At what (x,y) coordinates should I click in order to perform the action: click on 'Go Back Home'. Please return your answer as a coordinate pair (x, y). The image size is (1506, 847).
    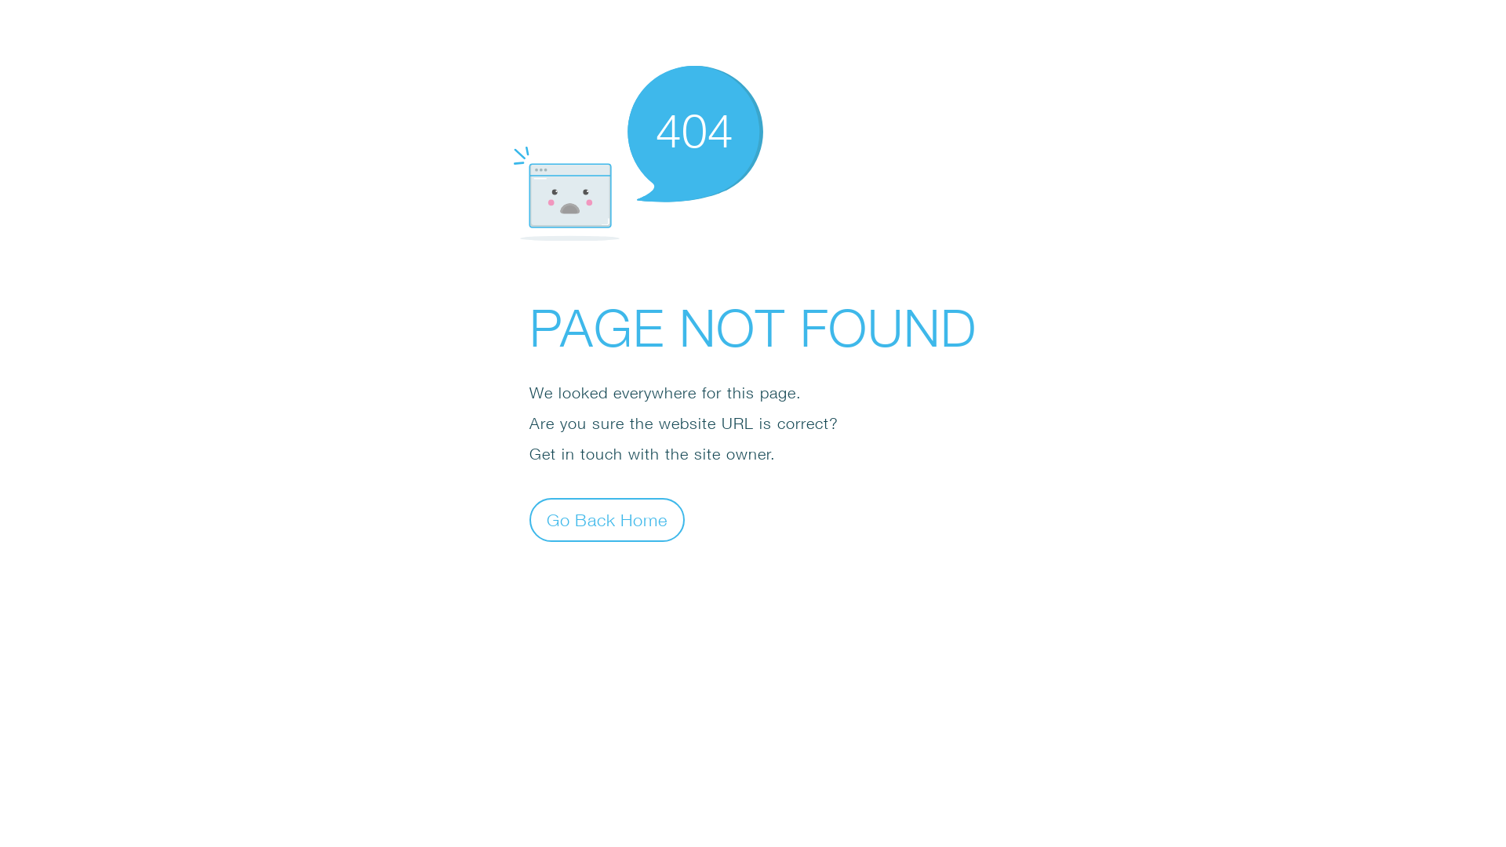
    Looking at the image, I should click on (606, 520).